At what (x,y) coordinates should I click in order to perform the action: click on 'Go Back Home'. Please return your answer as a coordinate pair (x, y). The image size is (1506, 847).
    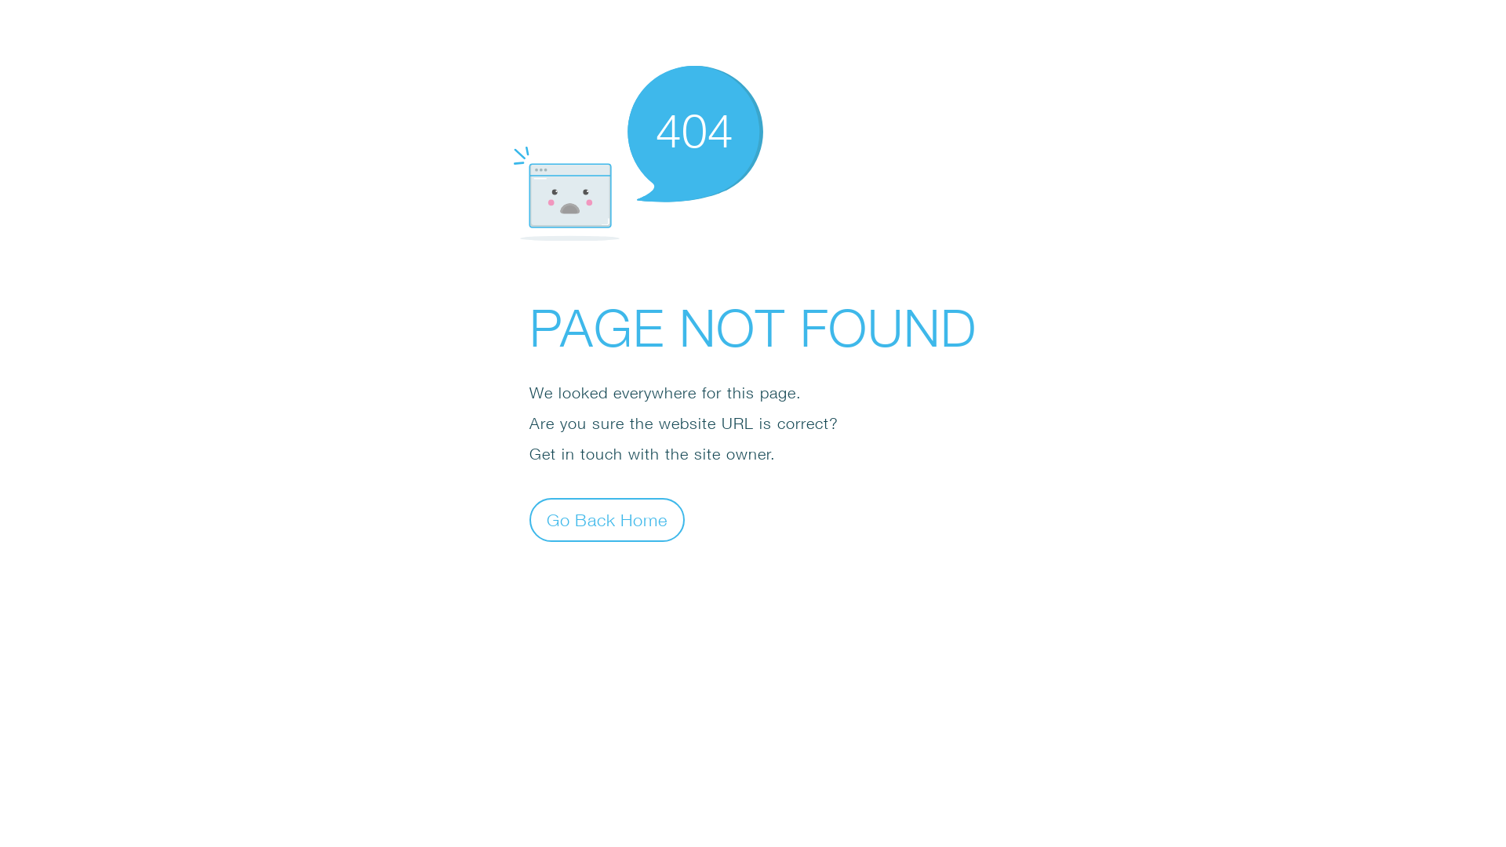
    Looking at the image, I should click on (606, 520).